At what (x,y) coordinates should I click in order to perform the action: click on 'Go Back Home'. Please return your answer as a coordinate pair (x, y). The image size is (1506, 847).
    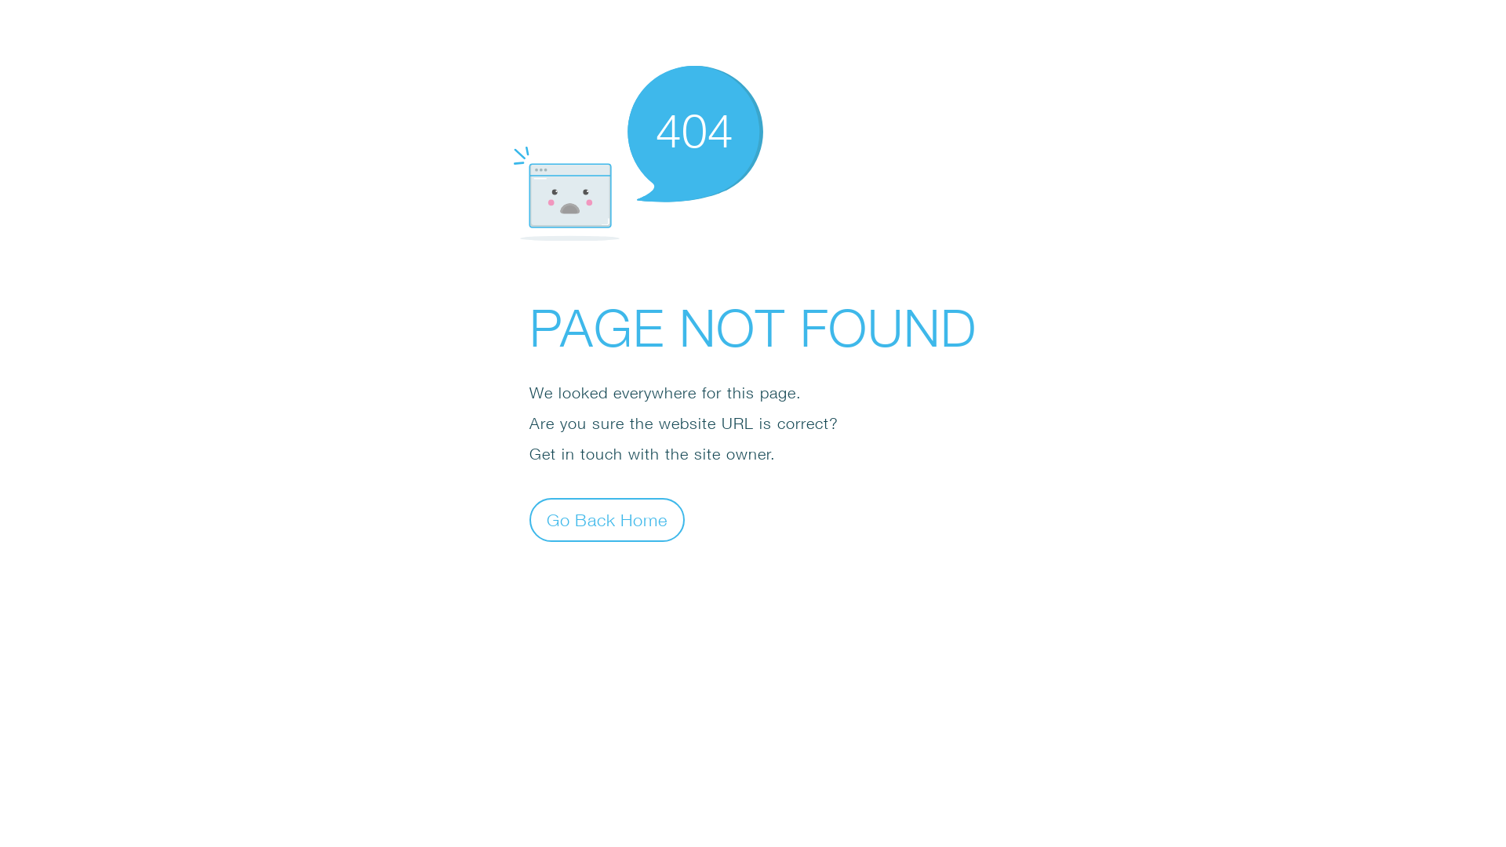
    Looking at the image, I should click on (606, 520).